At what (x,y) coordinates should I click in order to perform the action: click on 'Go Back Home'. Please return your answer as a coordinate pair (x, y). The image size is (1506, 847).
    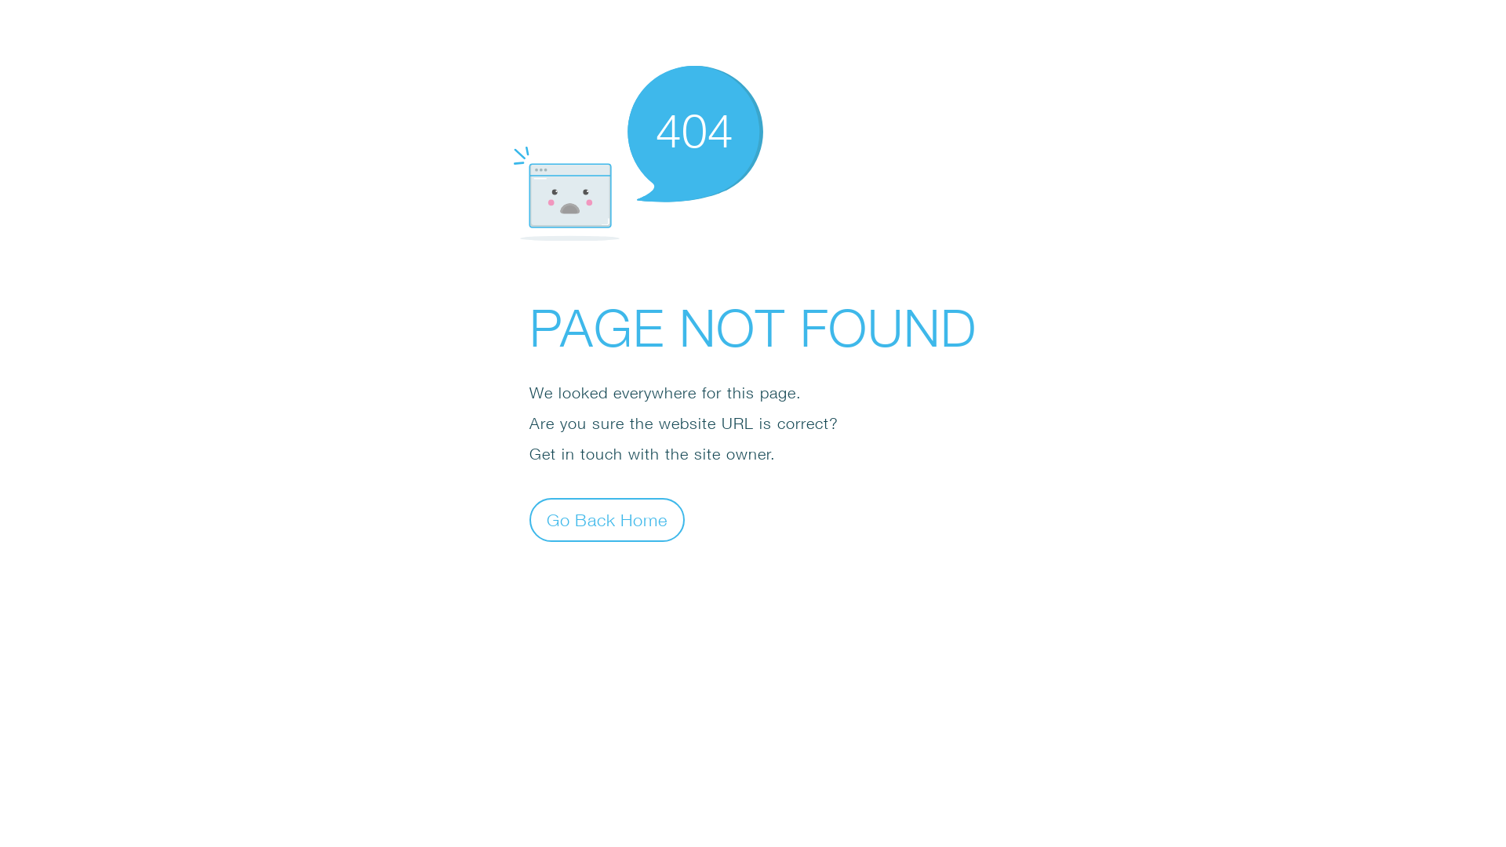
    Looking at the image, I should click on (606, 520).